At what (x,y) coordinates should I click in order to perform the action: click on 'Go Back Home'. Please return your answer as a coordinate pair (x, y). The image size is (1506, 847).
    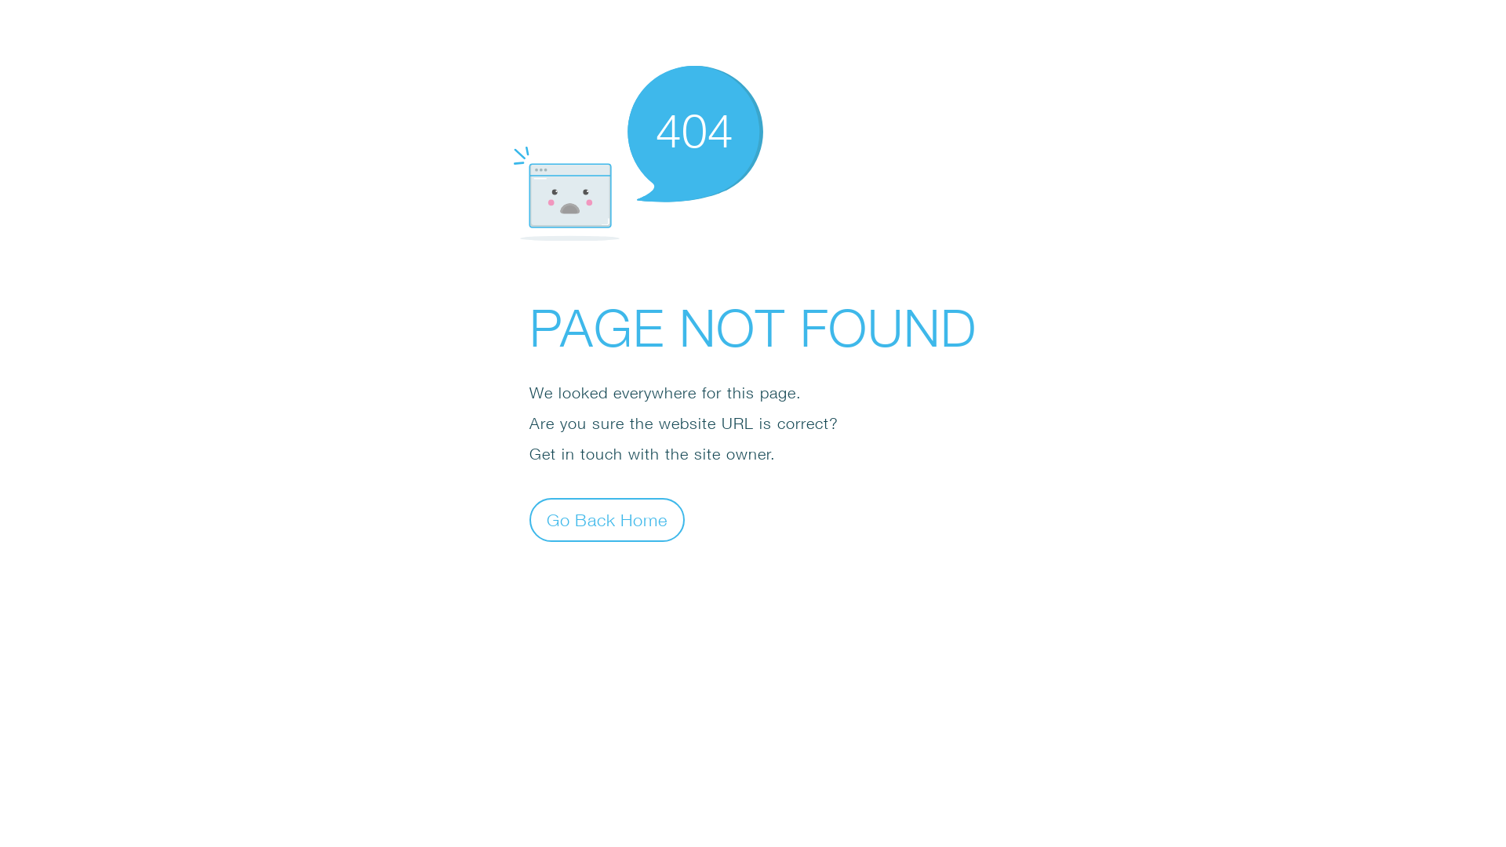
    Looking at the image, I should click on (606, 520).